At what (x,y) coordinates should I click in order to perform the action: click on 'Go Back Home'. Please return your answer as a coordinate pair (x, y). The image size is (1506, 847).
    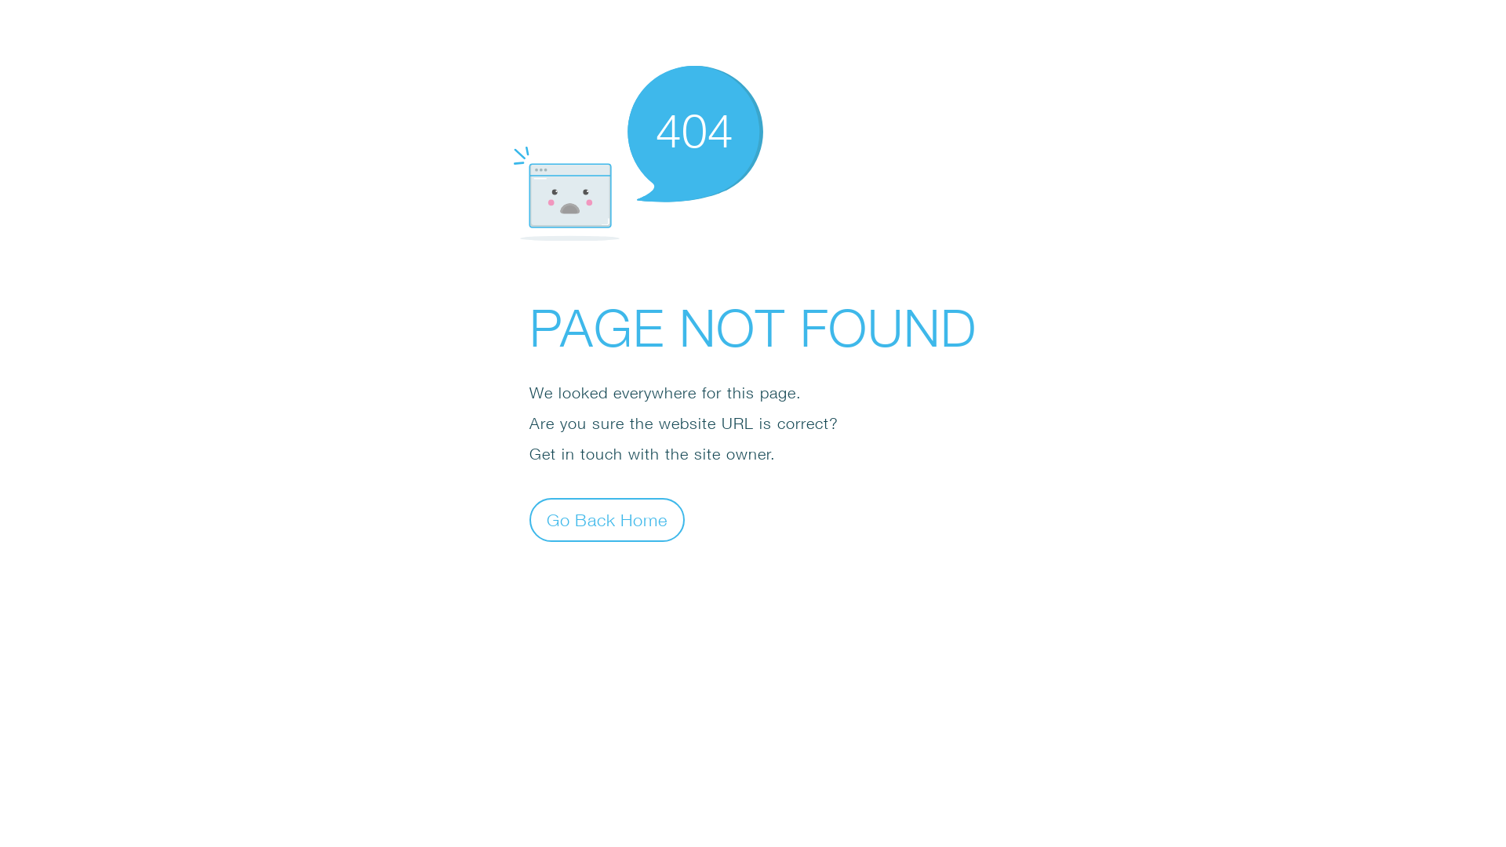
    Looking at the image, I should click on (606, 520).